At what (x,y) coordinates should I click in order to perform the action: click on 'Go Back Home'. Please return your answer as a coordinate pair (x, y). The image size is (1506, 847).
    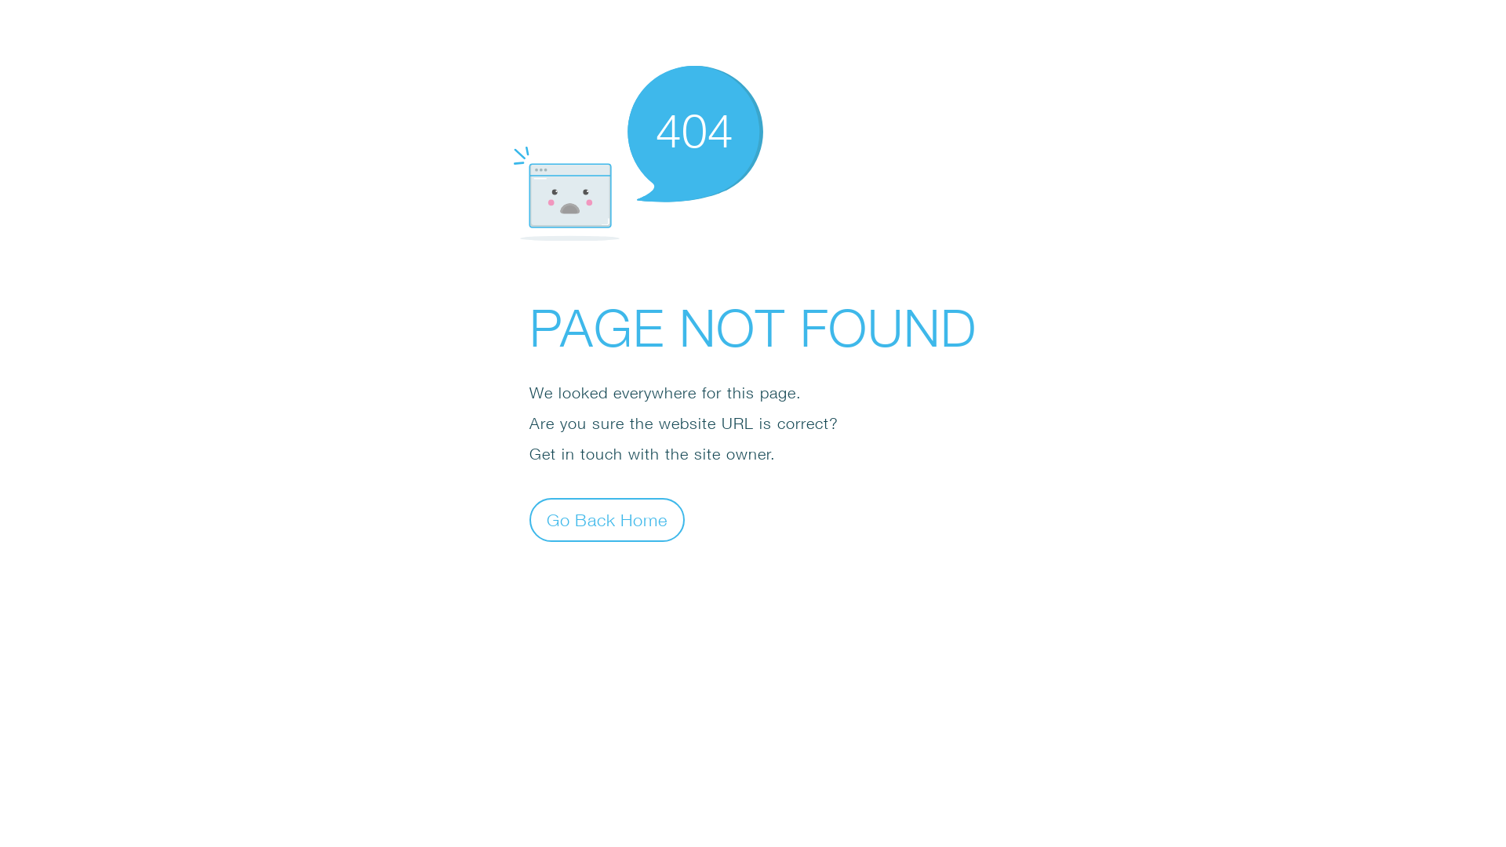
    Looking at the image, I should click on (606, 520).